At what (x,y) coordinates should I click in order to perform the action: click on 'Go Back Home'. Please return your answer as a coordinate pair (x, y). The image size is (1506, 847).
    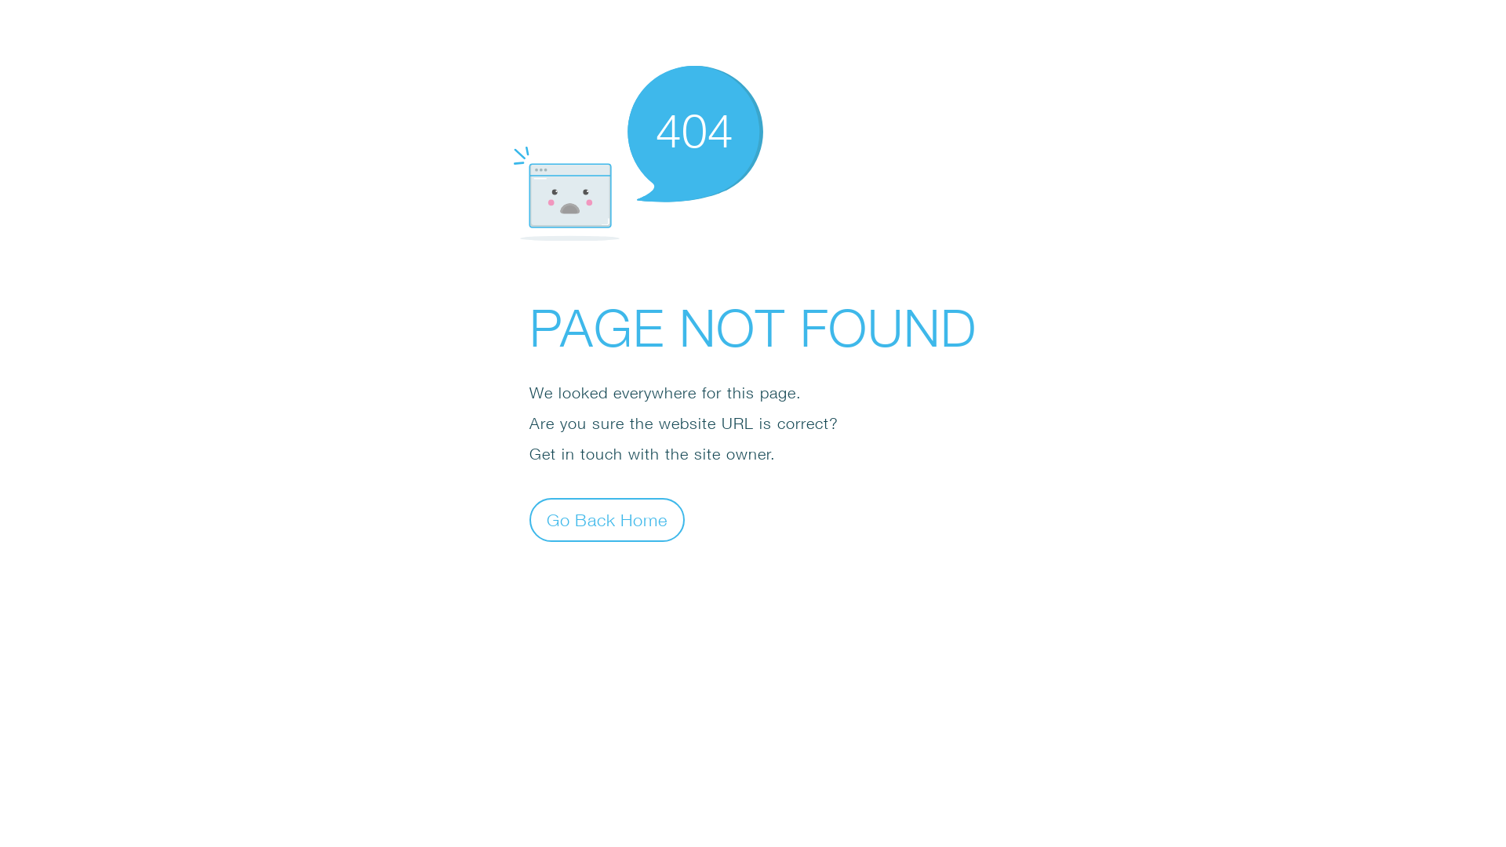
    Looking at the image, I should click on (606, 520).